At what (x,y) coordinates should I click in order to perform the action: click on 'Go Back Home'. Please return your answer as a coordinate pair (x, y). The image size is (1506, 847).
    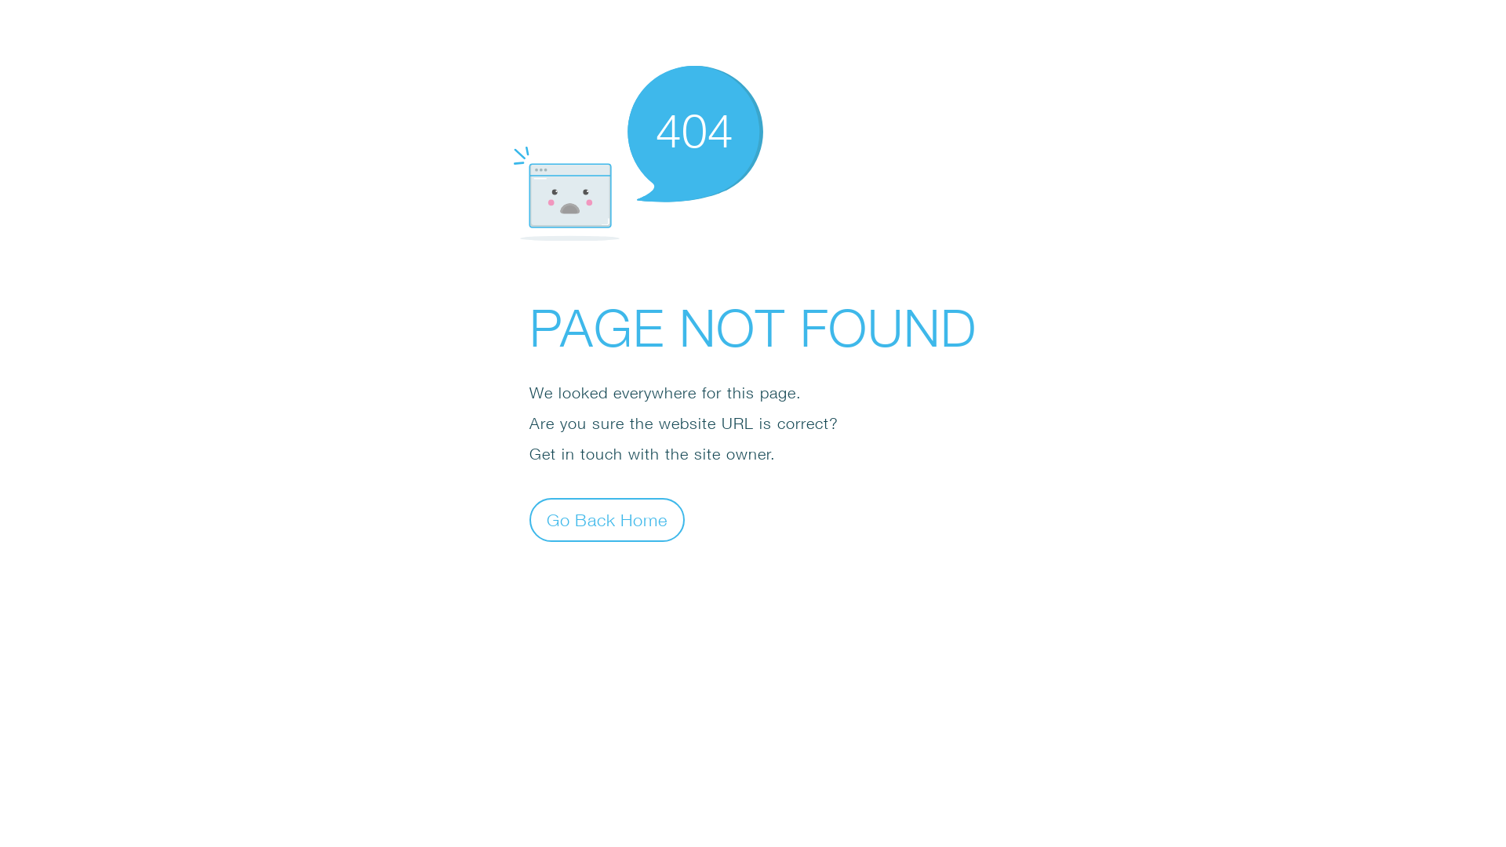
    Looking at the image, I should click on (606, 520).